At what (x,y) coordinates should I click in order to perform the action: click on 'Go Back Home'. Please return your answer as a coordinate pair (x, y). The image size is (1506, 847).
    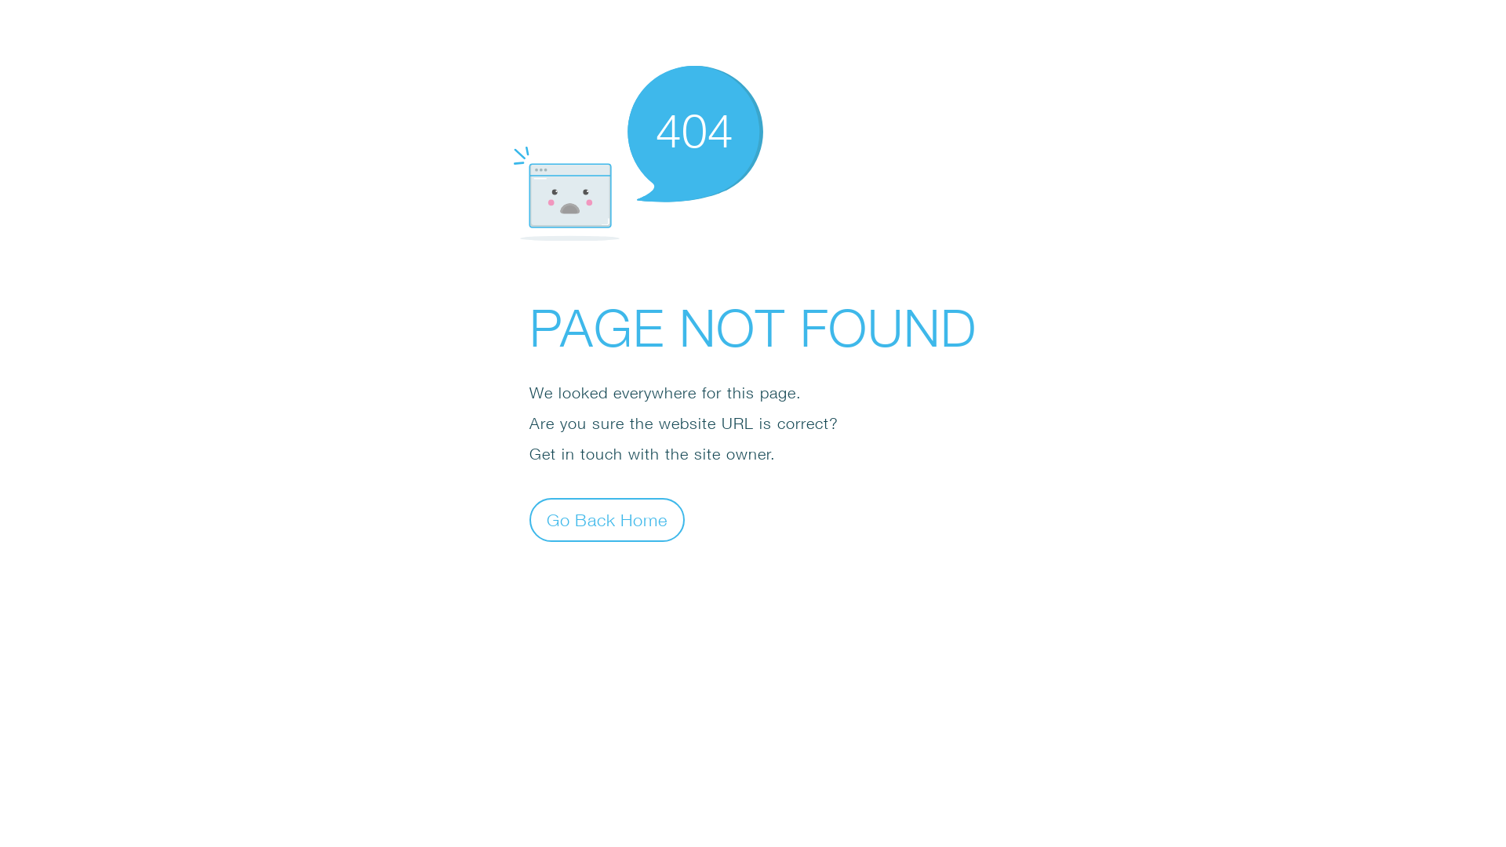
    Looking at the image, I should click on (606, 520).